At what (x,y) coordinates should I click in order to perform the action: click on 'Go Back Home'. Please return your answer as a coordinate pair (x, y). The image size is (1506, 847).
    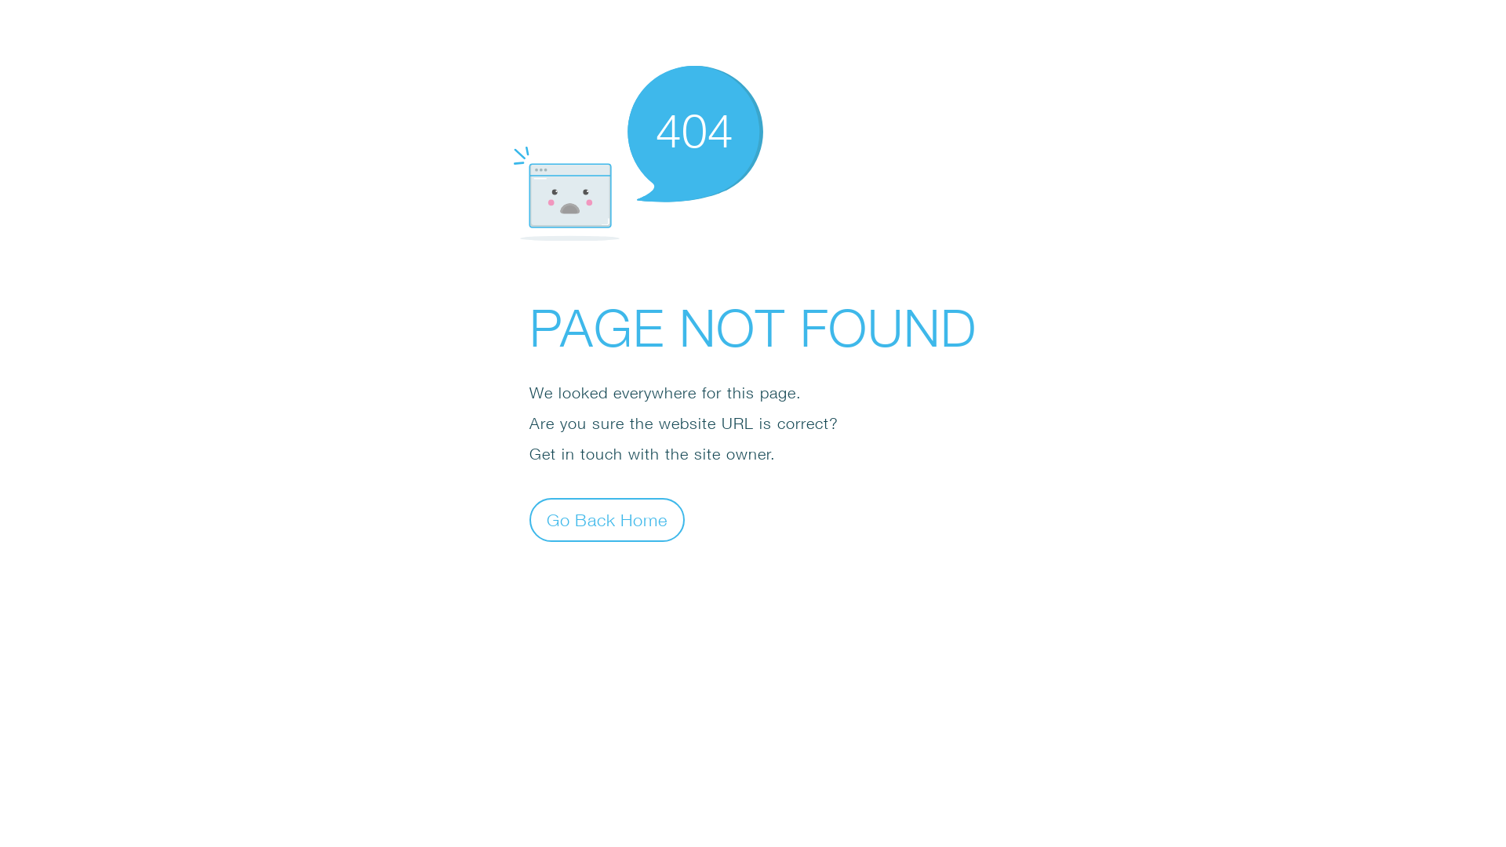
    Looking at the image, I should click on (606, 520).